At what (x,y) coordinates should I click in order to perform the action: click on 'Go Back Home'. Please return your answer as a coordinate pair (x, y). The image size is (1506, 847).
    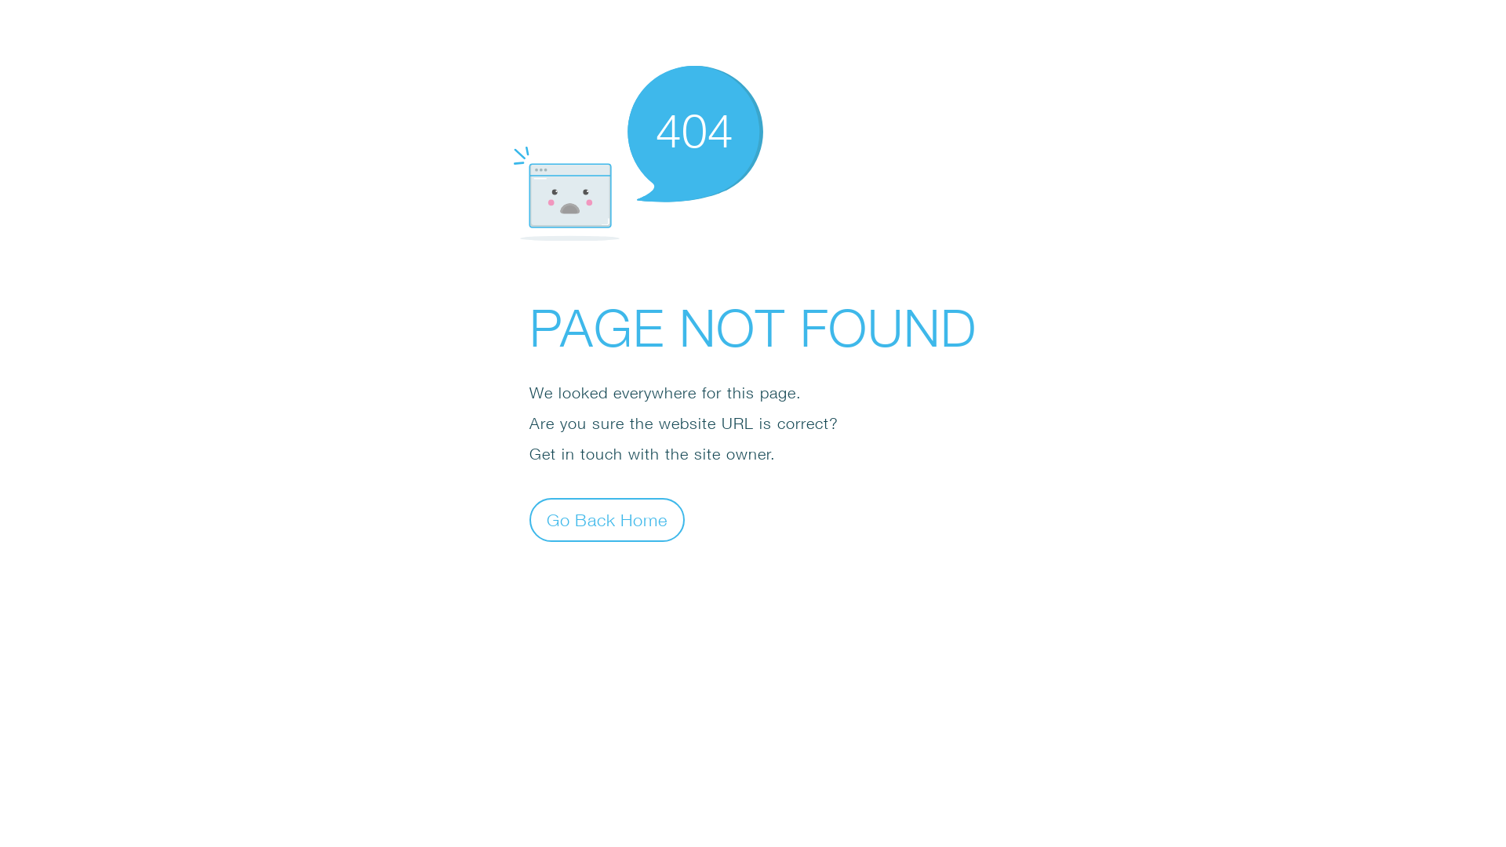
    Looking at the image, I should click on (606, 520).